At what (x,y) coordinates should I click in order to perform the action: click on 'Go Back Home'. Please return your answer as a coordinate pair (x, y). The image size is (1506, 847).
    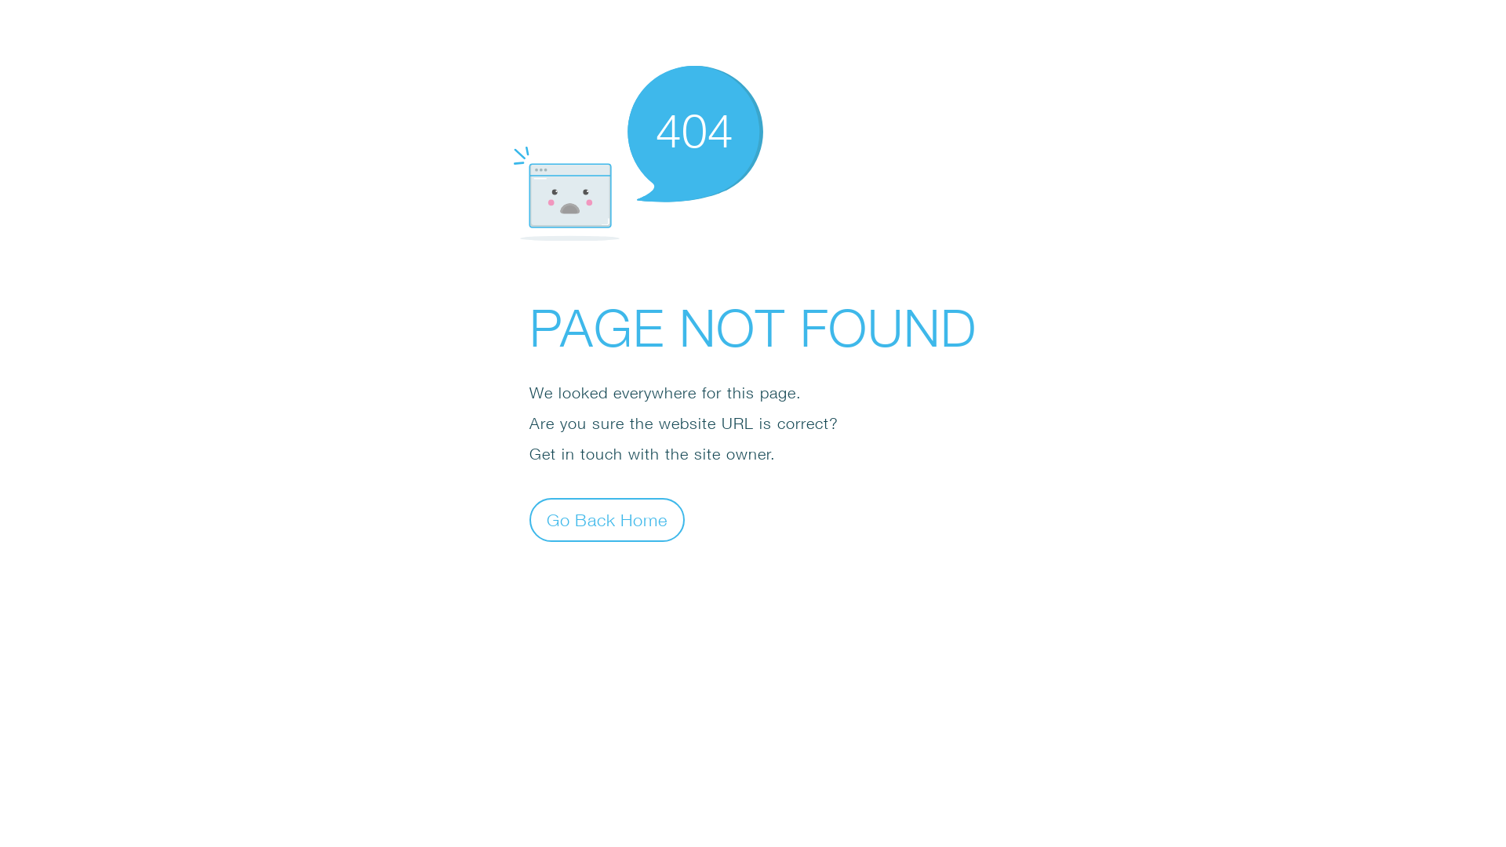
    Looking at the image, I should click on (606, 520).